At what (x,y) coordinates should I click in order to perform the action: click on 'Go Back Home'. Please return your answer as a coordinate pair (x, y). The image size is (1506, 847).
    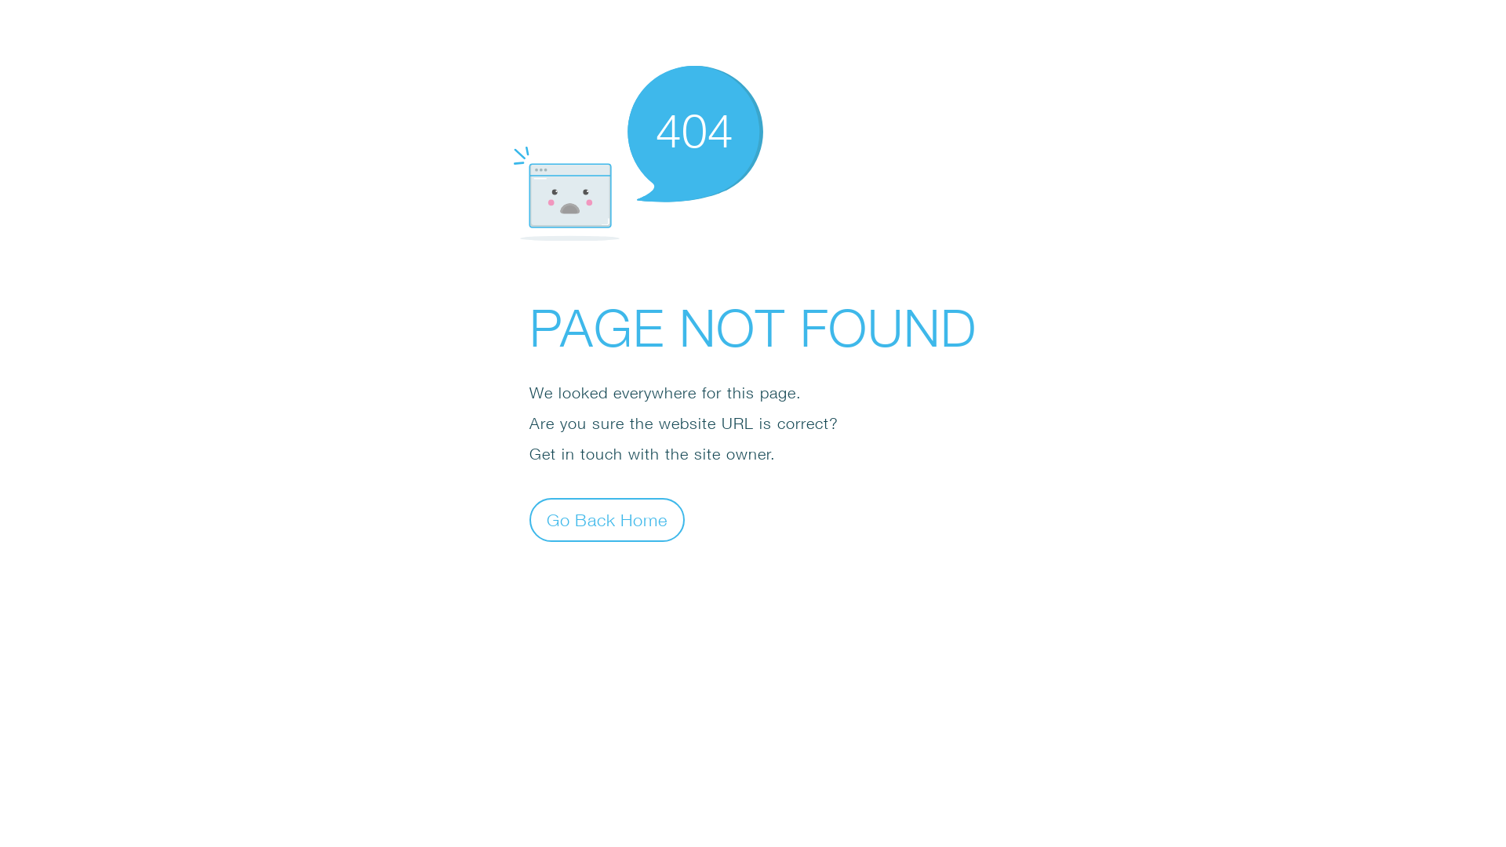
    Looking at the image, I should click on (606, 520).